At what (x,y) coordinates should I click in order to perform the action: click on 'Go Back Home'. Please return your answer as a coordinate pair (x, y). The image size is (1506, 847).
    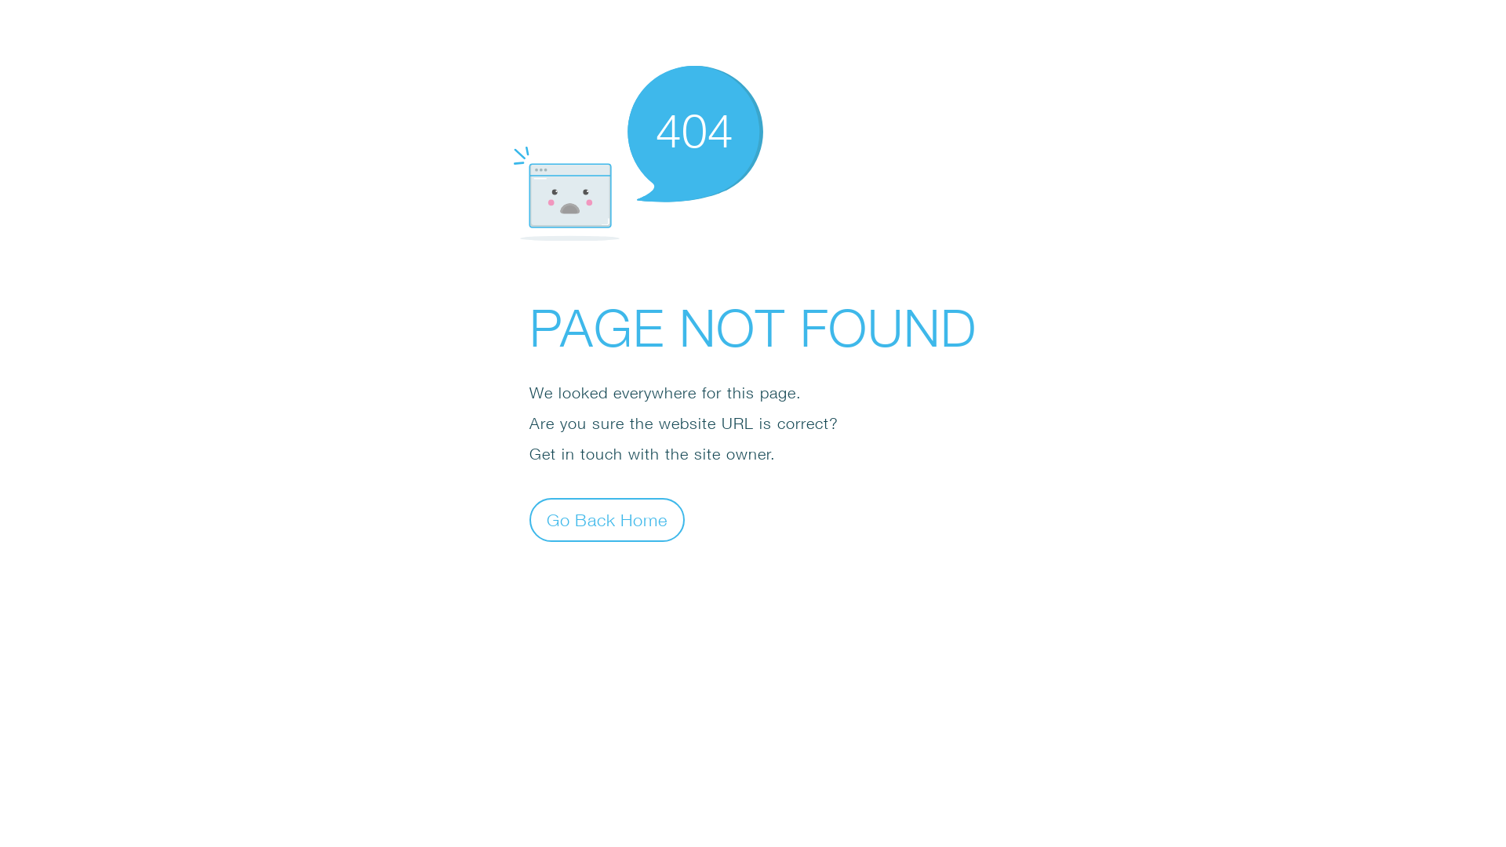
    Looking at the image, I should click on (606, 520).